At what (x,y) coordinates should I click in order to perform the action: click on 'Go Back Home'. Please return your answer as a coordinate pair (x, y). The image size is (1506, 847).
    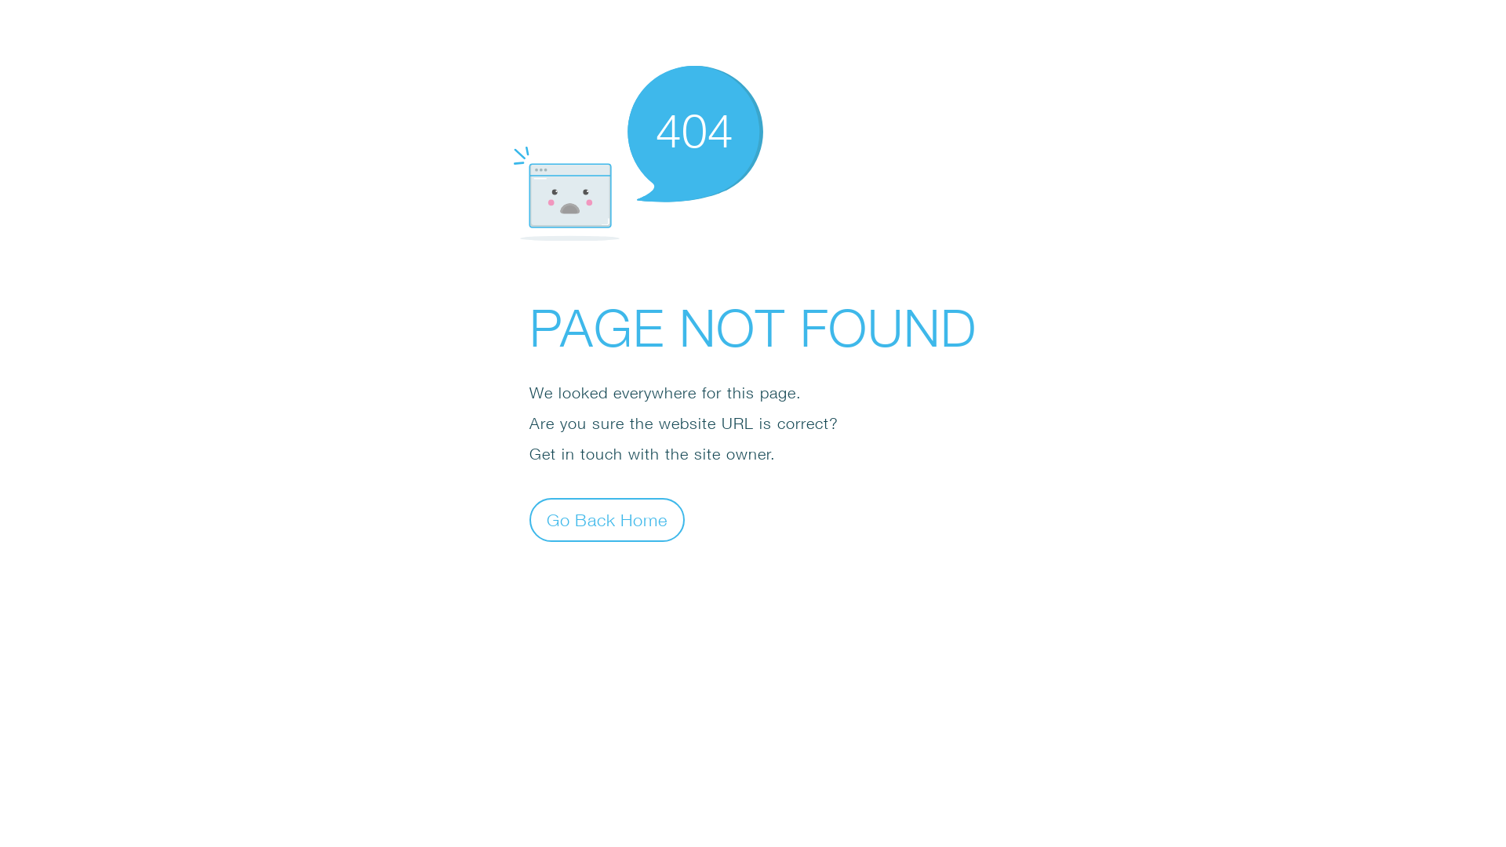
    Looking at the image, I should click on (606, 520).